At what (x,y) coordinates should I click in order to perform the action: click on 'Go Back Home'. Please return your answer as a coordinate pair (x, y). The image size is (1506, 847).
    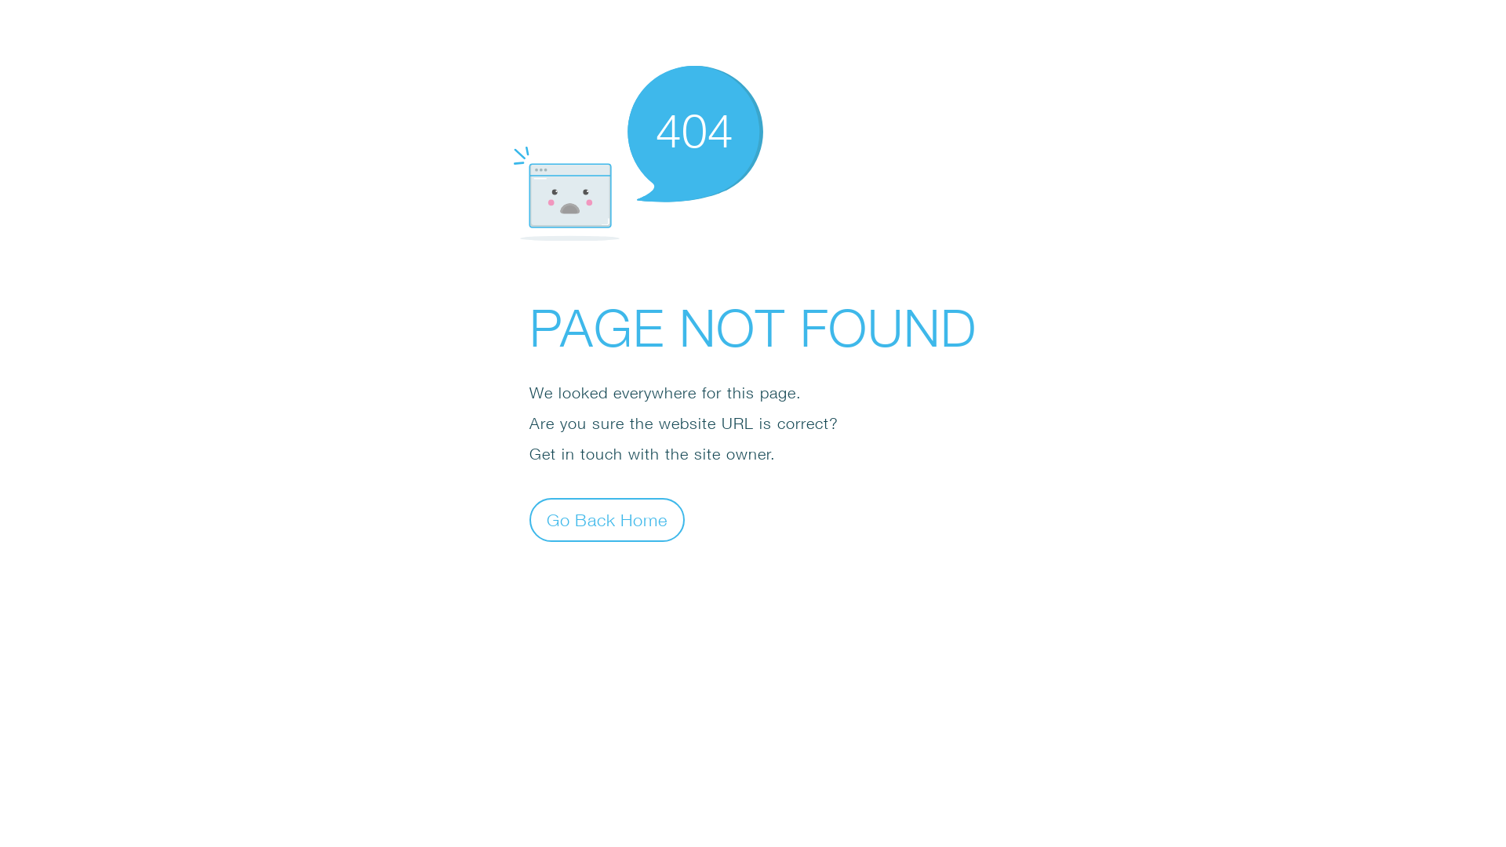
    Looking at the image, I should click on (606, 520).